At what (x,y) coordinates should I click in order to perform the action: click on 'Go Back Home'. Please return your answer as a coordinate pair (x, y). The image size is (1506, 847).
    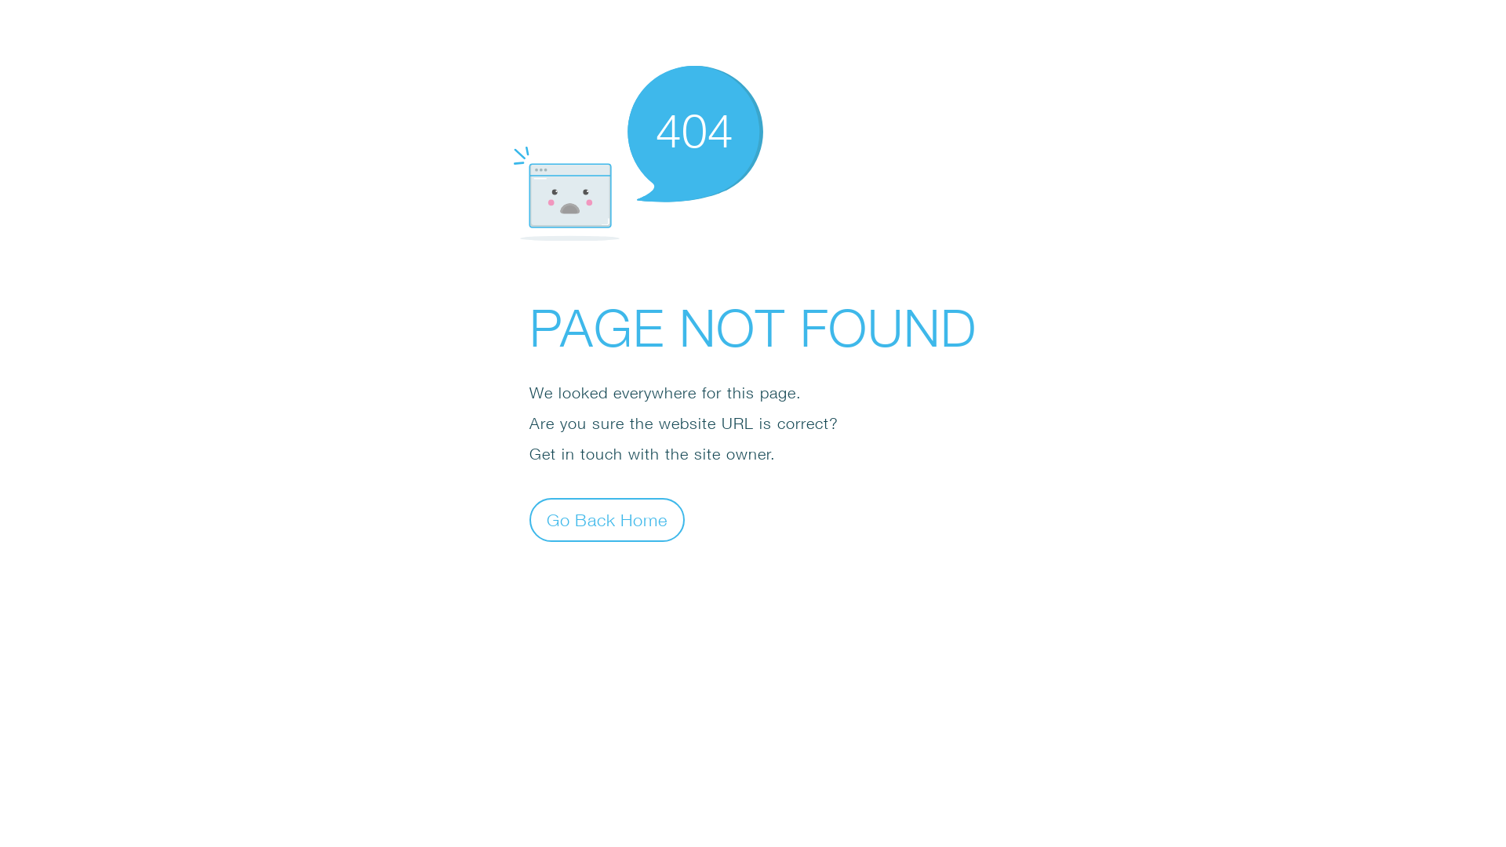
    Looking at the image, I should click on (606, 520).